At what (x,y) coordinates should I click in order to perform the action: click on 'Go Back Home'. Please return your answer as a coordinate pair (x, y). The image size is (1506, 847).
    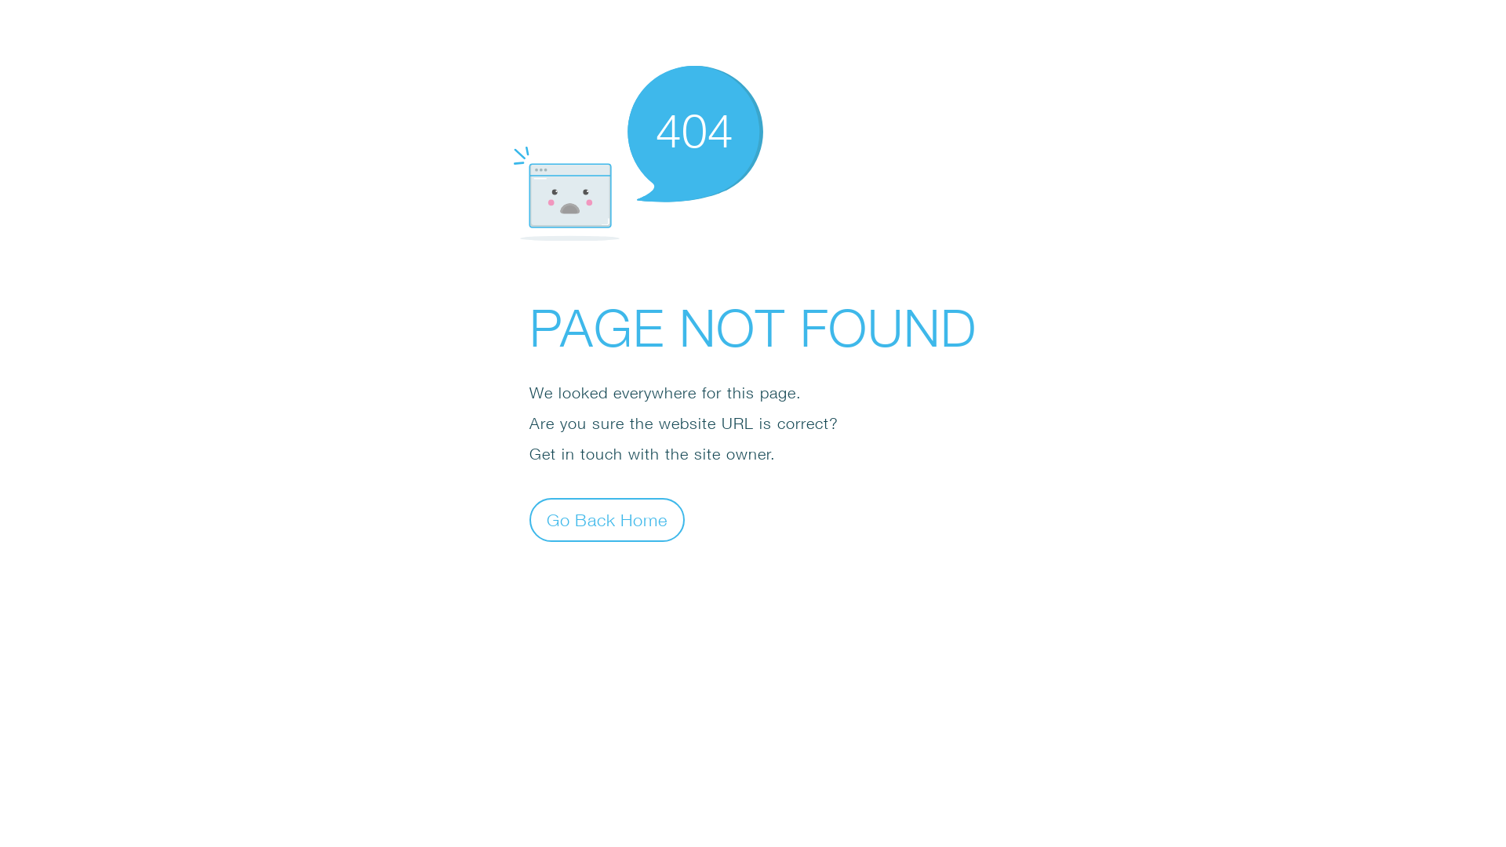
    Looking at the image, I should click on (606, 520).